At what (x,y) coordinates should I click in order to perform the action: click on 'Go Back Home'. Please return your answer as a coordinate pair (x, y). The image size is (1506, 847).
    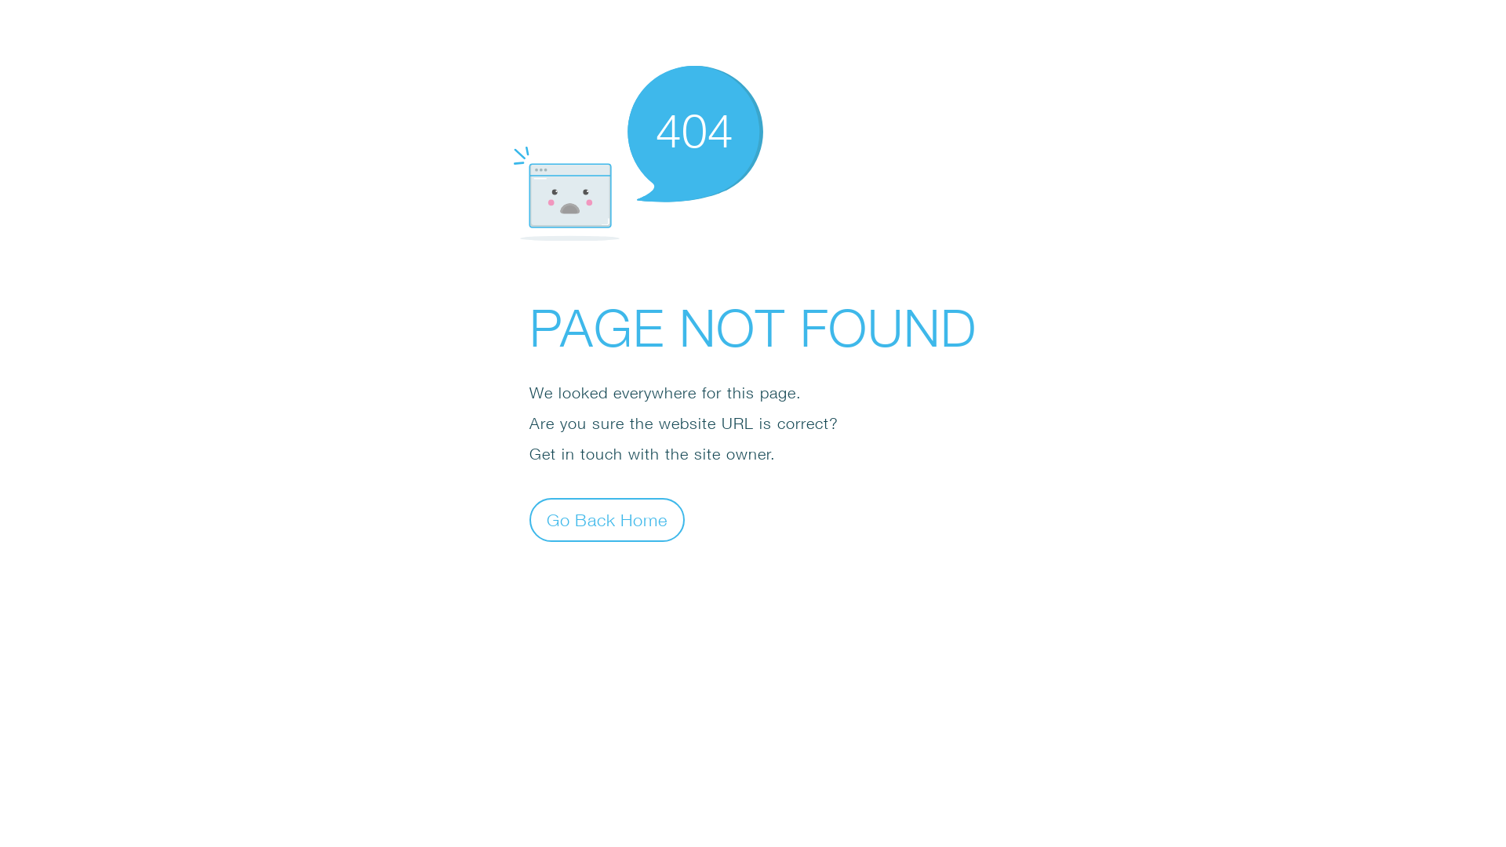
    Looking at the image, I should click on (606, 520).